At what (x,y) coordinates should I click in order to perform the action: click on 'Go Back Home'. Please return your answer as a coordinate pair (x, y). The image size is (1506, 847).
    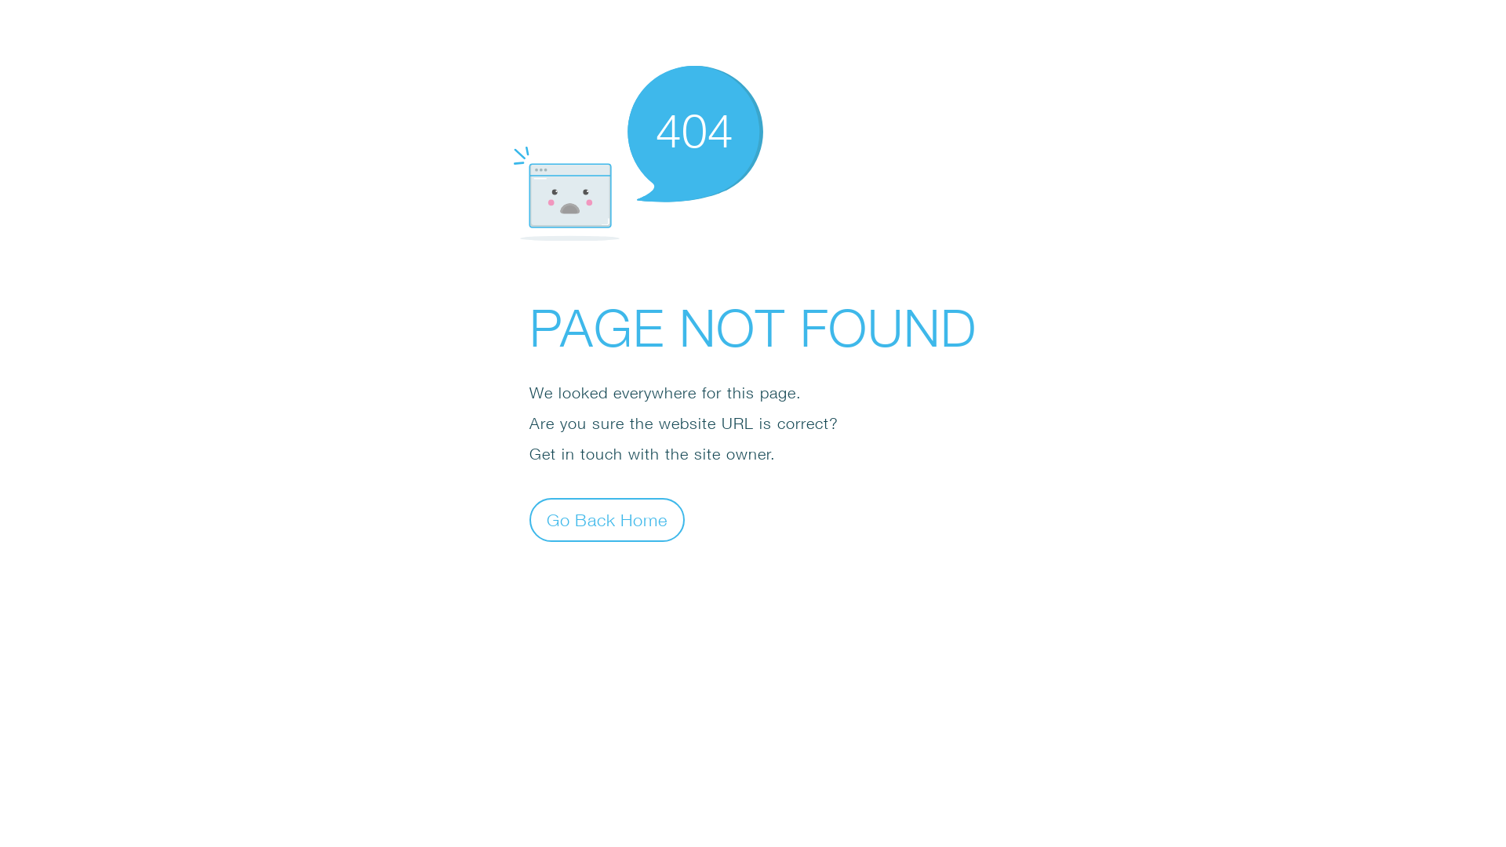
    Looking at the image, I should click on (606, 520).